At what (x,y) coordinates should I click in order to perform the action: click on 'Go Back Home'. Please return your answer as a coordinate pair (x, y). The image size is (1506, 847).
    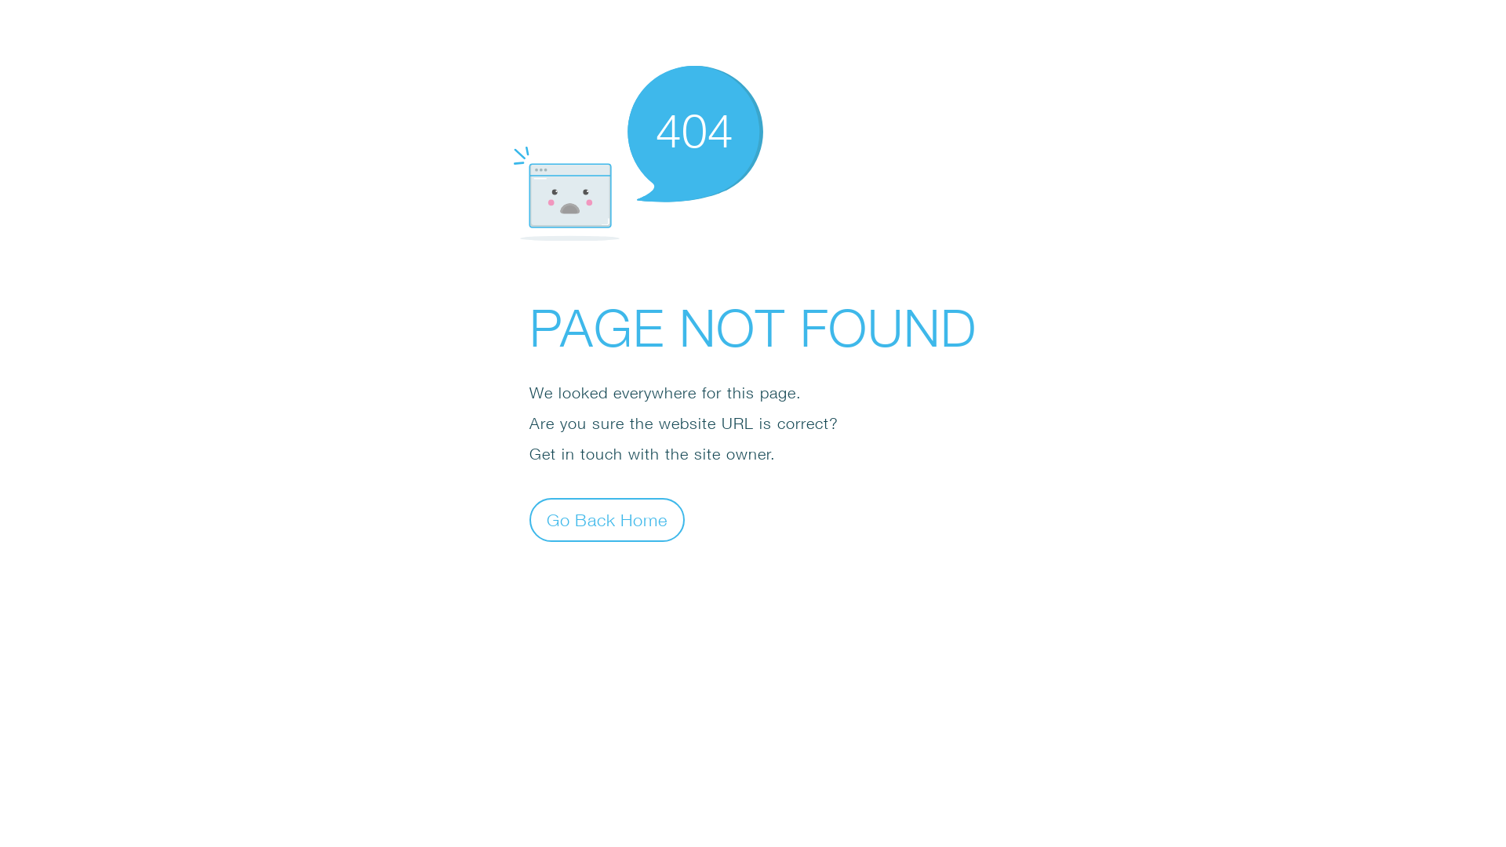
    Looking at the image, I should click on (606, 520).